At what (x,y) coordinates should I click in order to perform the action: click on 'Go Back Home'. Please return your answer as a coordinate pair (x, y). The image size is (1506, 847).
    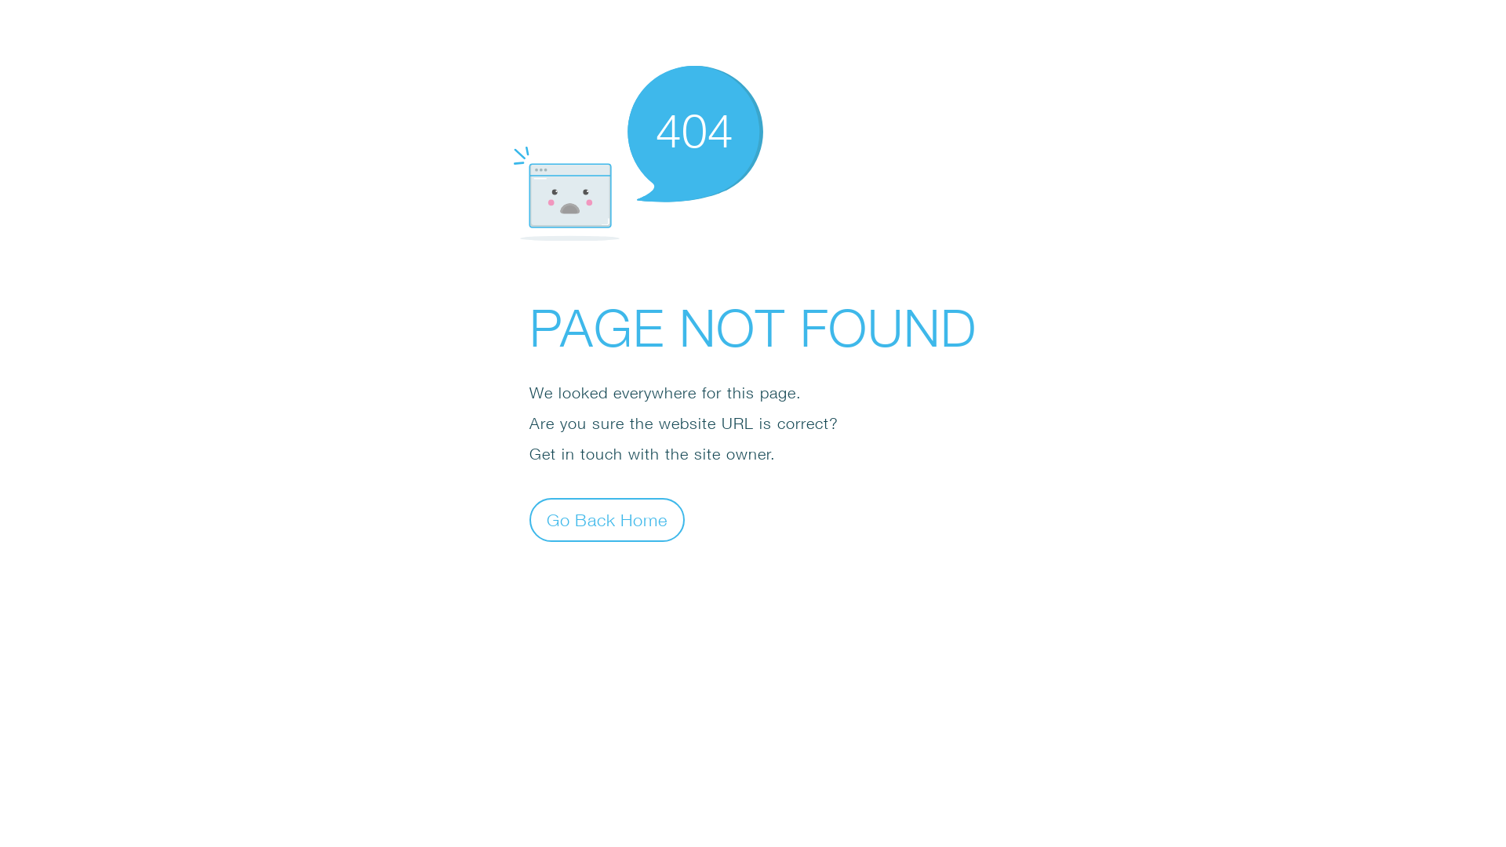
    Looking at the image, I should click on (606, 520).